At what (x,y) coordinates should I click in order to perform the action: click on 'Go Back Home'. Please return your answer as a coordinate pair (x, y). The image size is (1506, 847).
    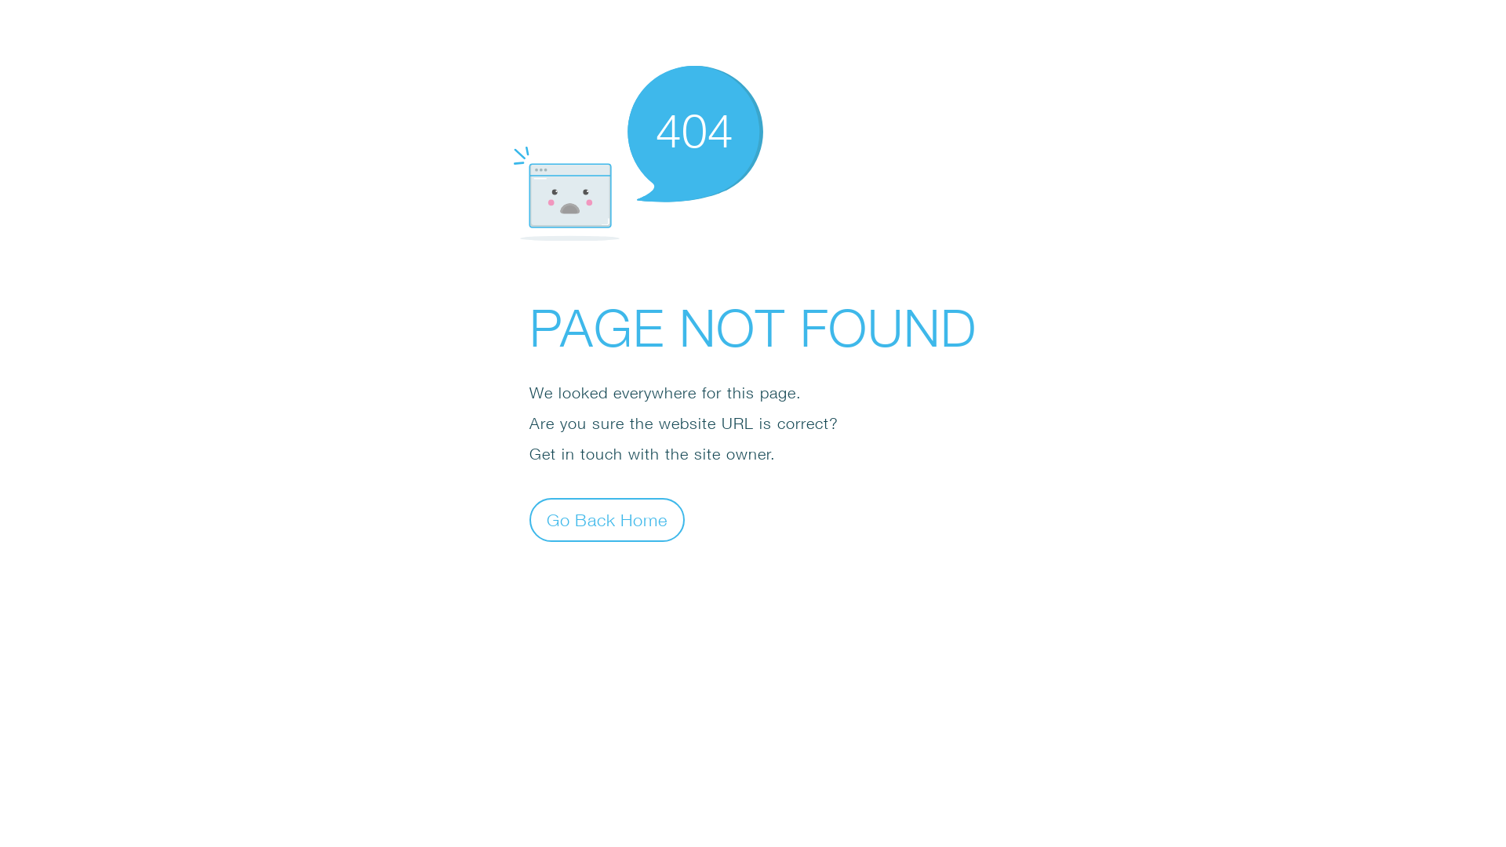
    Looking at the image, I should click on (606, 520).